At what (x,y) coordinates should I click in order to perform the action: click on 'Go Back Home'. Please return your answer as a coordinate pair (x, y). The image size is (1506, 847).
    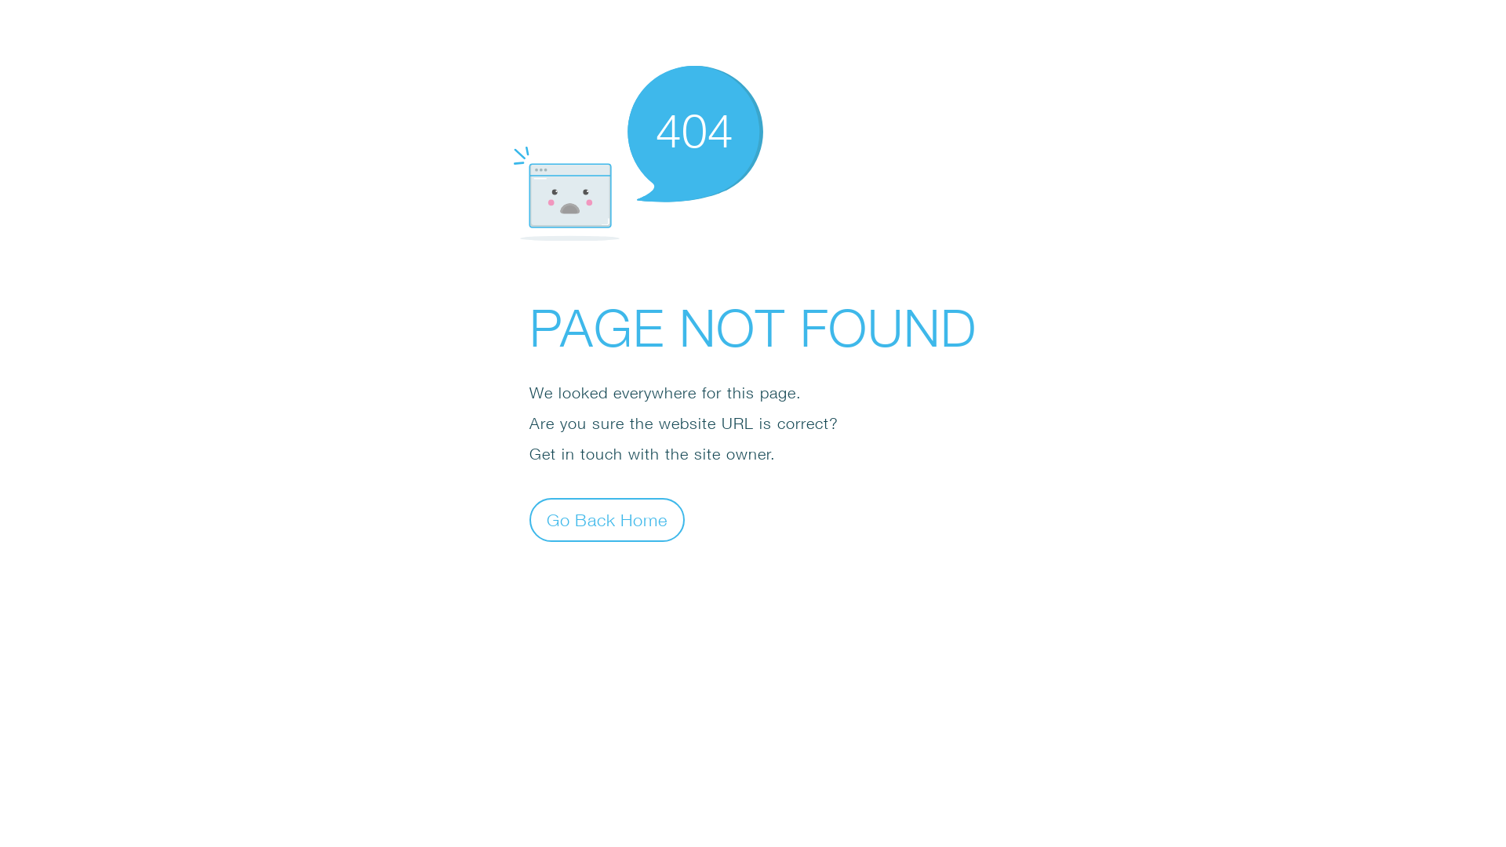
    Looking at the image, I should click on (606, 520).